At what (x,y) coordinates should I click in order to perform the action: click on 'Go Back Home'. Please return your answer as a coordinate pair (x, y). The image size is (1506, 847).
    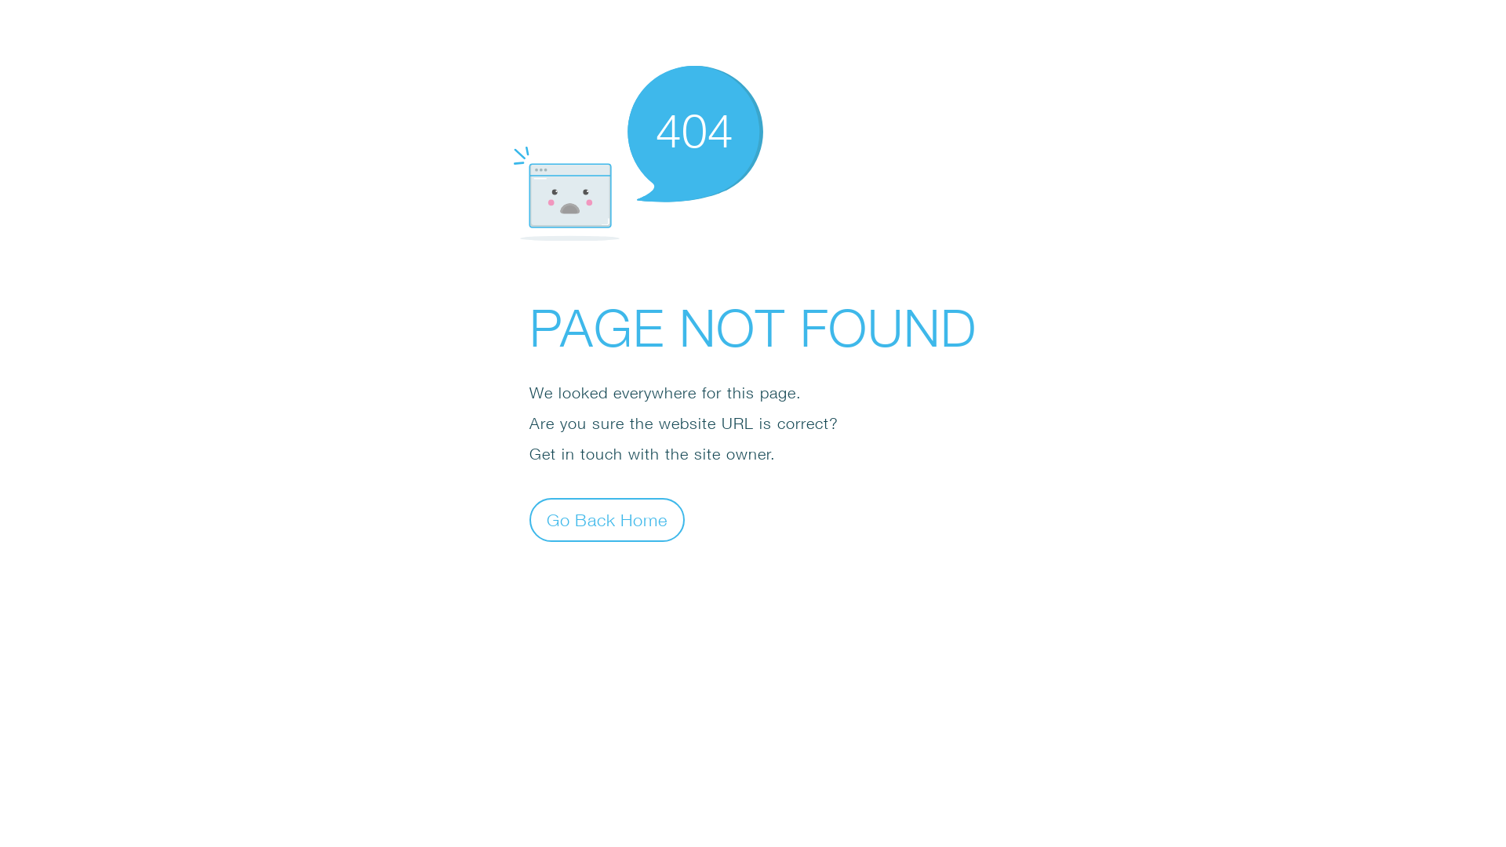
    Looking at the image, I should click on (606, 520).